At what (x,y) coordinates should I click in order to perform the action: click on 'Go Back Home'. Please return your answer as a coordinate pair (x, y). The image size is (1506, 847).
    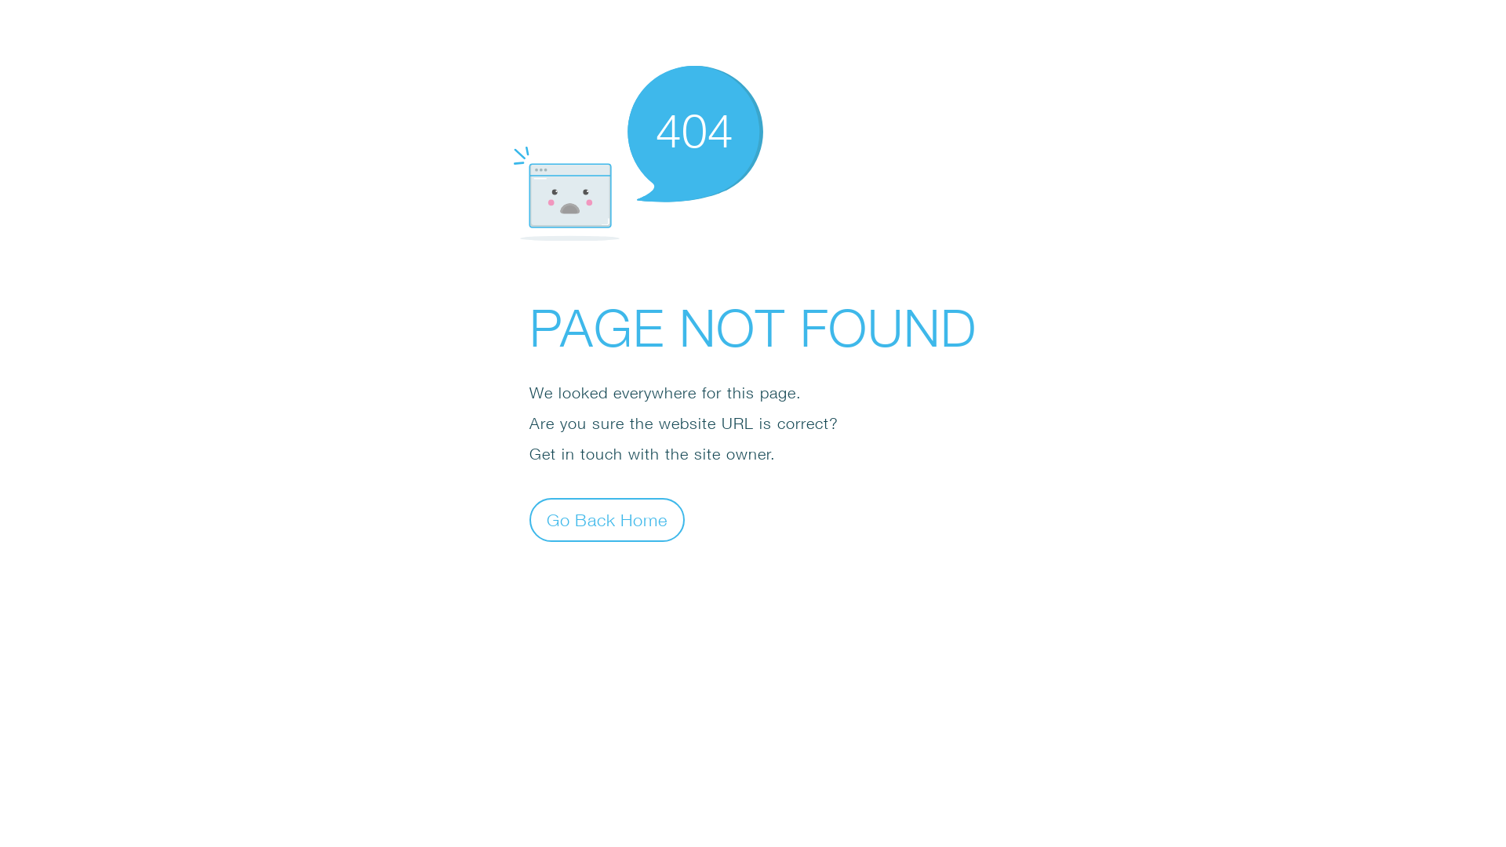
    Looking at the image, I should click on (606, 520).